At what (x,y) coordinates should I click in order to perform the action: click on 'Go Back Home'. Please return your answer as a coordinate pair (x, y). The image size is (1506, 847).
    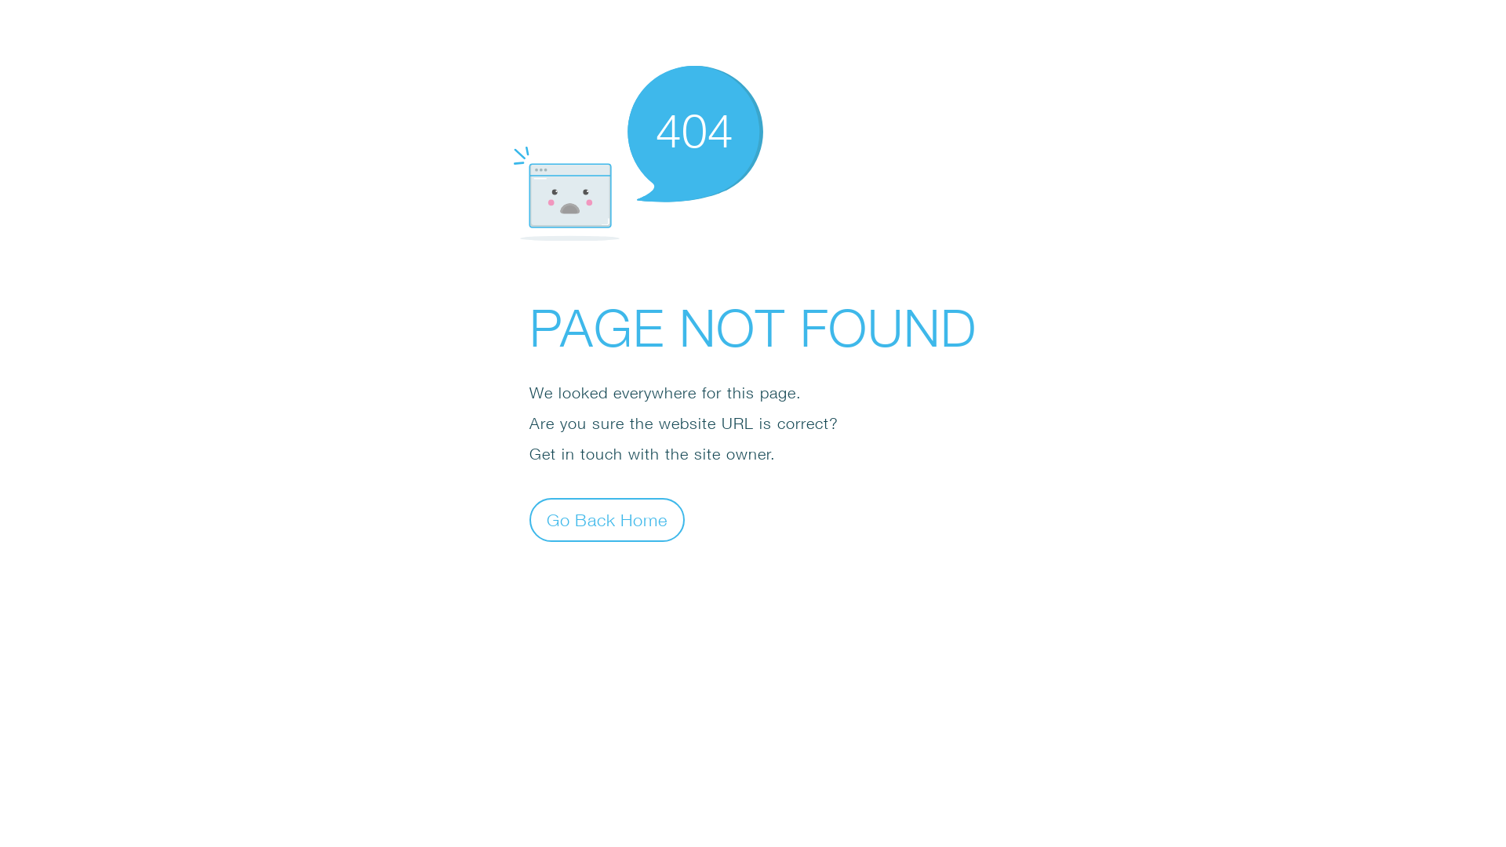
    Looking at the image, I should click on (606, 520).